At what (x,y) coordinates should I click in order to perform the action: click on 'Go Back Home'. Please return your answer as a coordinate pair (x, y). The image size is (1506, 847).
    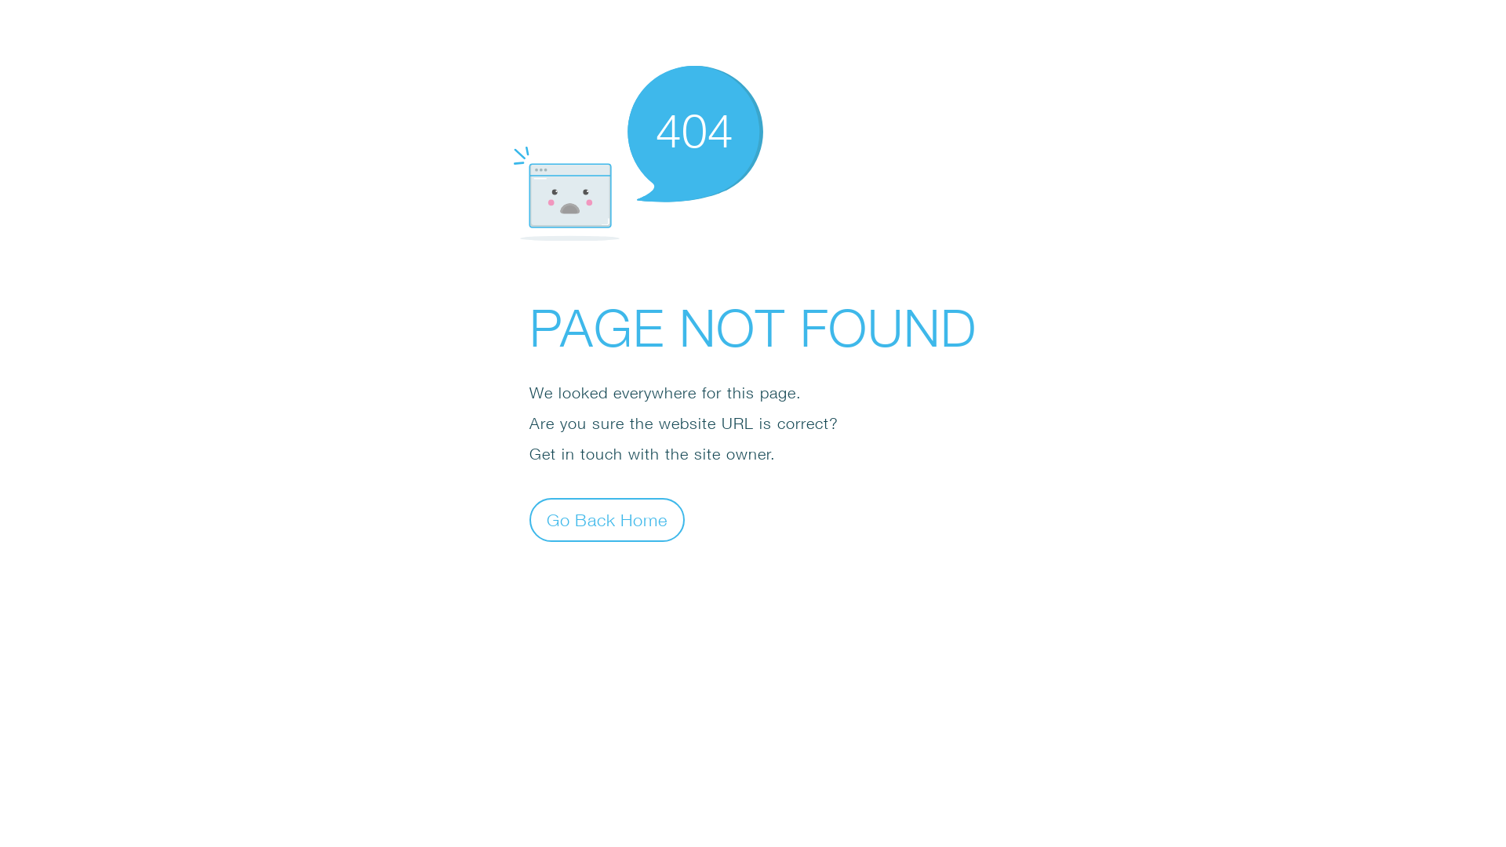
    Looking at the image, I should click on (606, 520).